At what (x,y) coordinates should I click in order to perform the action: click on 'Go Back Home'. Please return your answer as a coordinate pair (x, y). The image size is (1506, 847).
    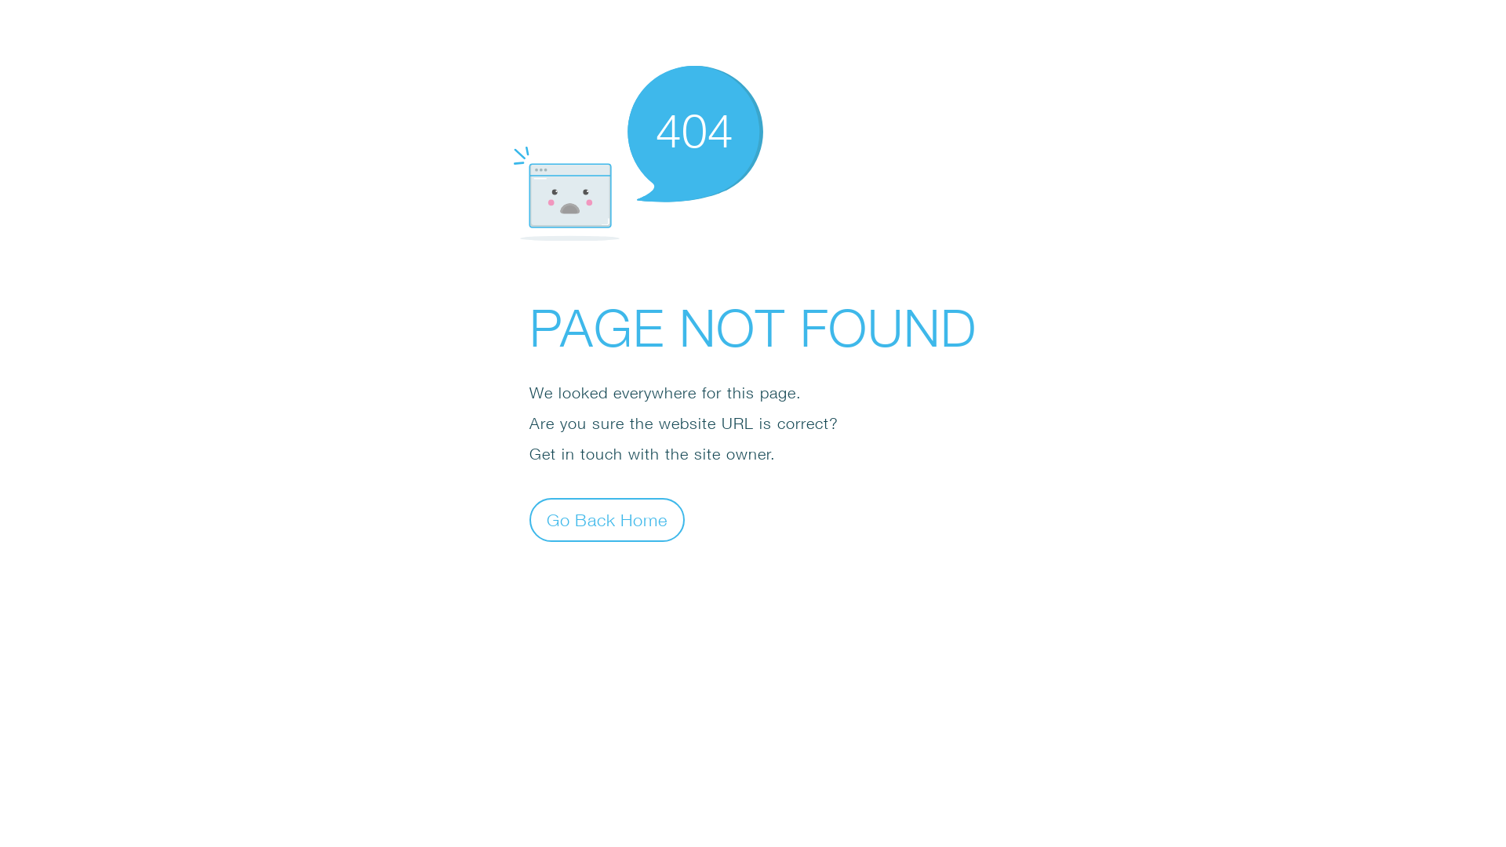
    Looking at the image, I should click on (606, 520).